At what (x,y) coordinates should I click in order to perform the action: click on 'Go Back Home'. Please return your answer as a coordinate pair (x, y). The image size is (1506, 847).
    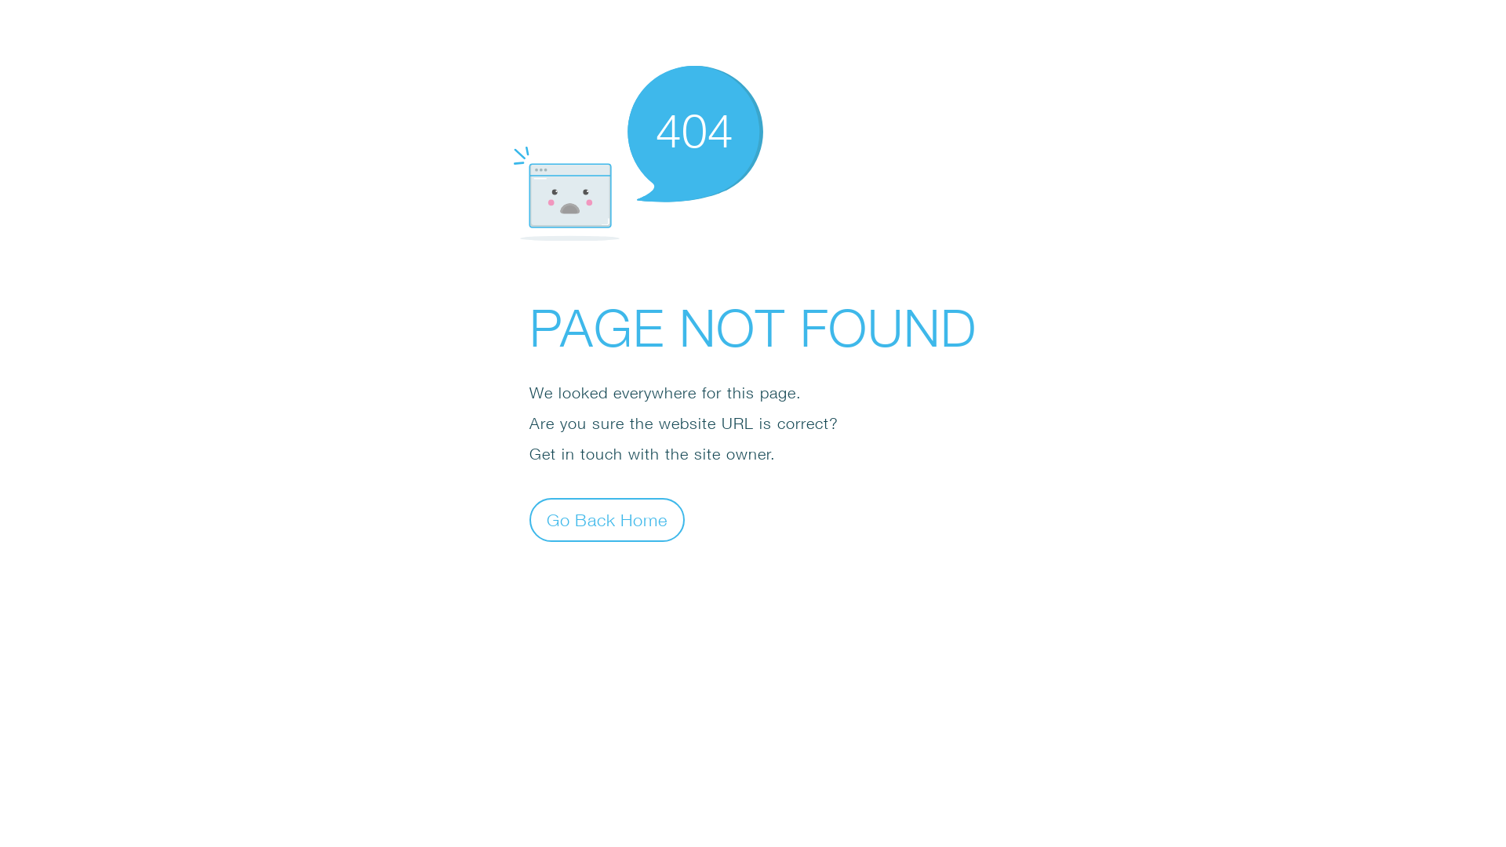
    Looking at the image, I should click on (606, 520).